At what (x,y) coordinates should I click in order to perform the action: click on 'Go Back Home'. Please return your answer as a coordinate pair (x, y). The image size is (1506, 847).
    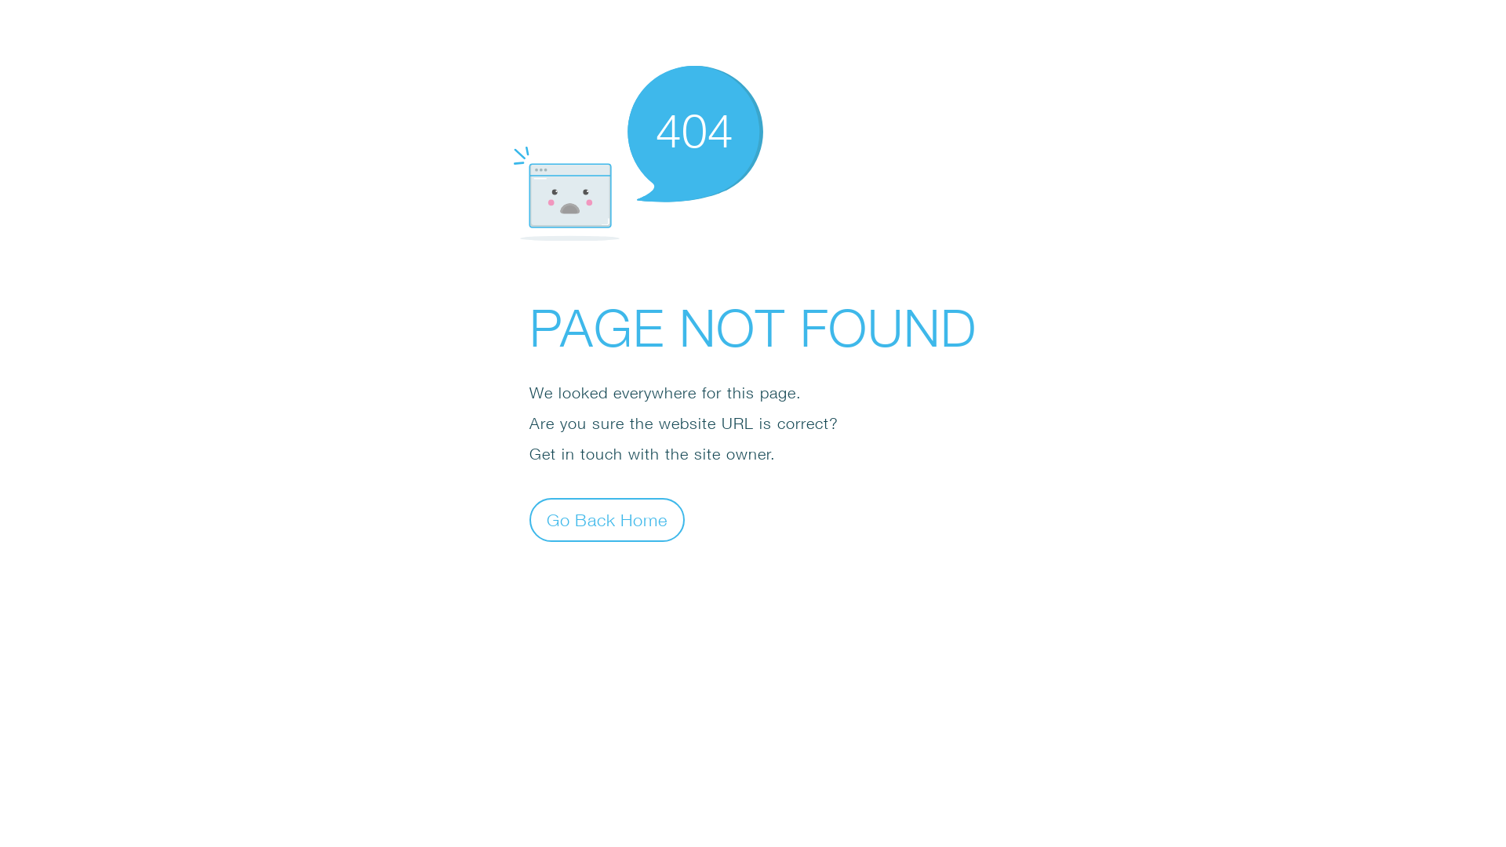
    Looking at the image, I should click on (606, 520).